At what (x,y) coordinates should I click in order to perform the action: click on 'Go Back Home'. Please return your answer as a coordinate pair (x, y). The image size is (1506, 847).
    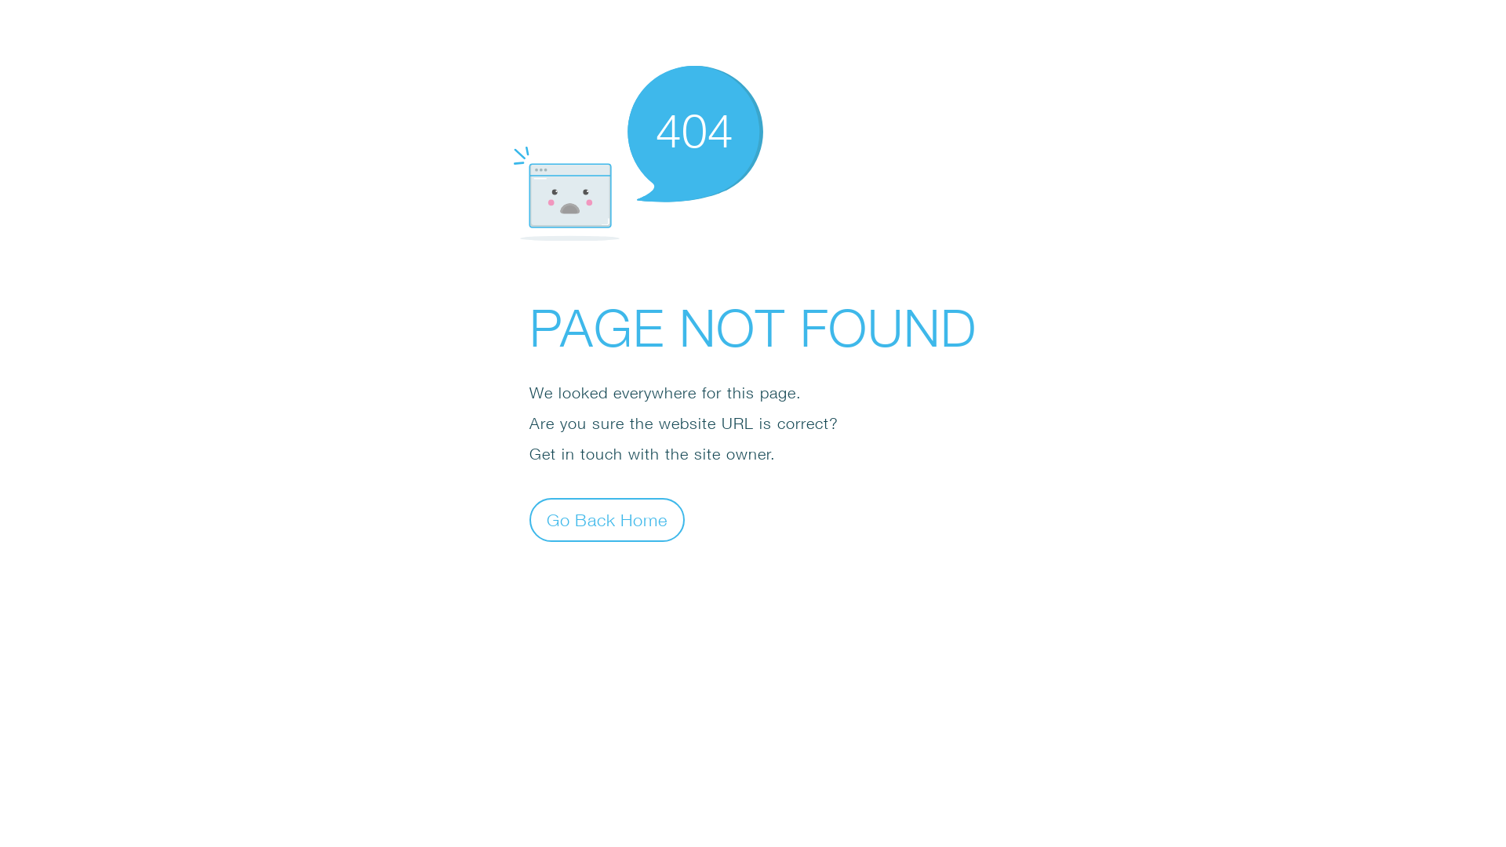
    Looking at the image, I should click on (606, 520).